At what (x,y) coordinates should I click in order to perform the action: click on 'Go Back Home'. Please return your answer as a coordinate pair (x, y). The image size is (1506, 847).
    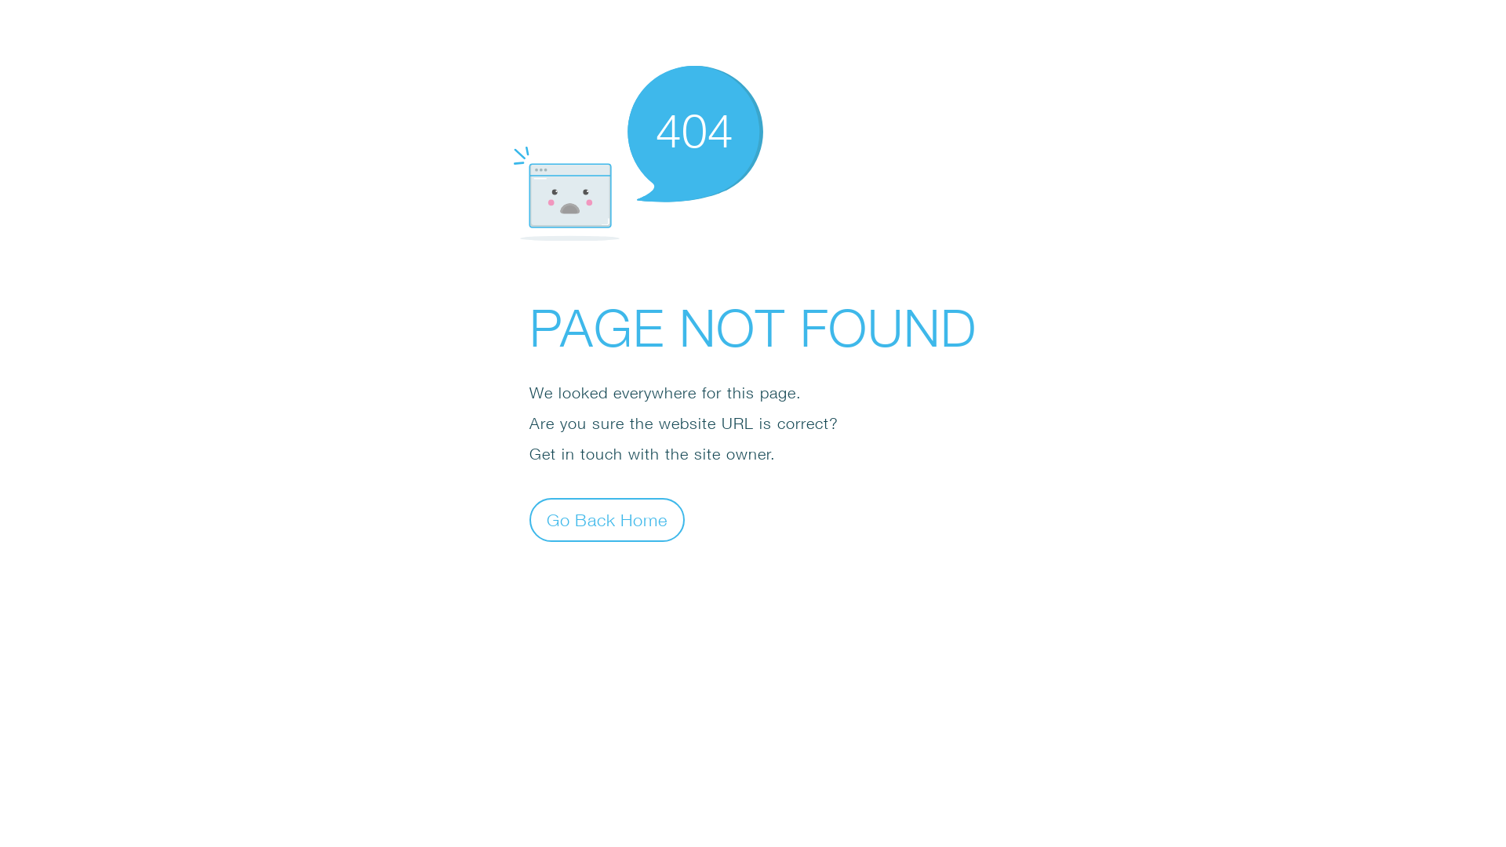
    Looking at the image, I should click on (606, 520).